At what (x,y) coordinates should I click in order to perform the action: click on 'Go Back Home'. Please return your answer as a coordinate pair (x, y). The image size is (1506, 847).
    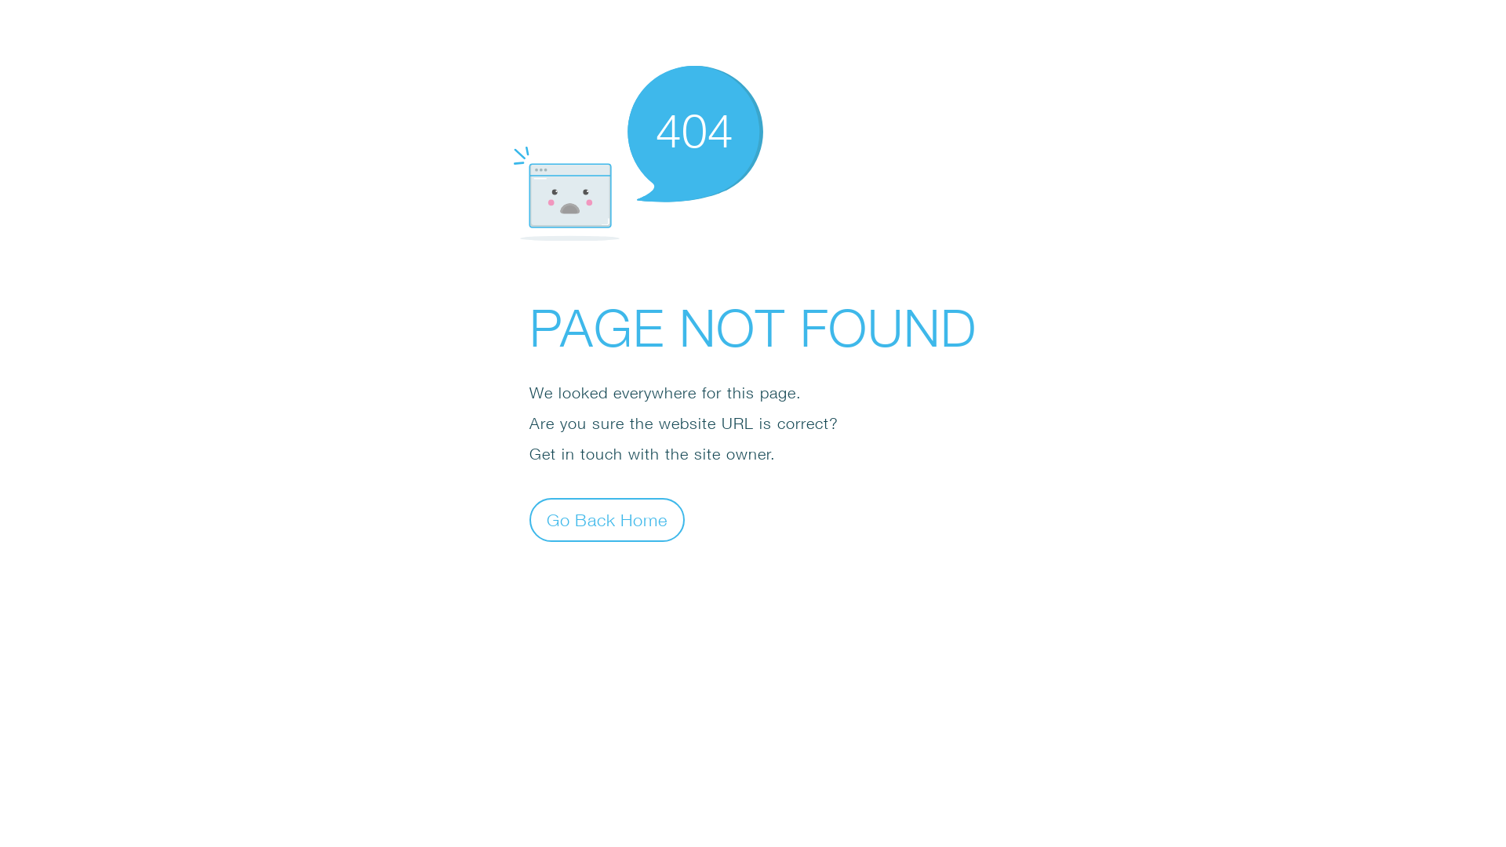
    Looking at the image, I should click on (606, 520).